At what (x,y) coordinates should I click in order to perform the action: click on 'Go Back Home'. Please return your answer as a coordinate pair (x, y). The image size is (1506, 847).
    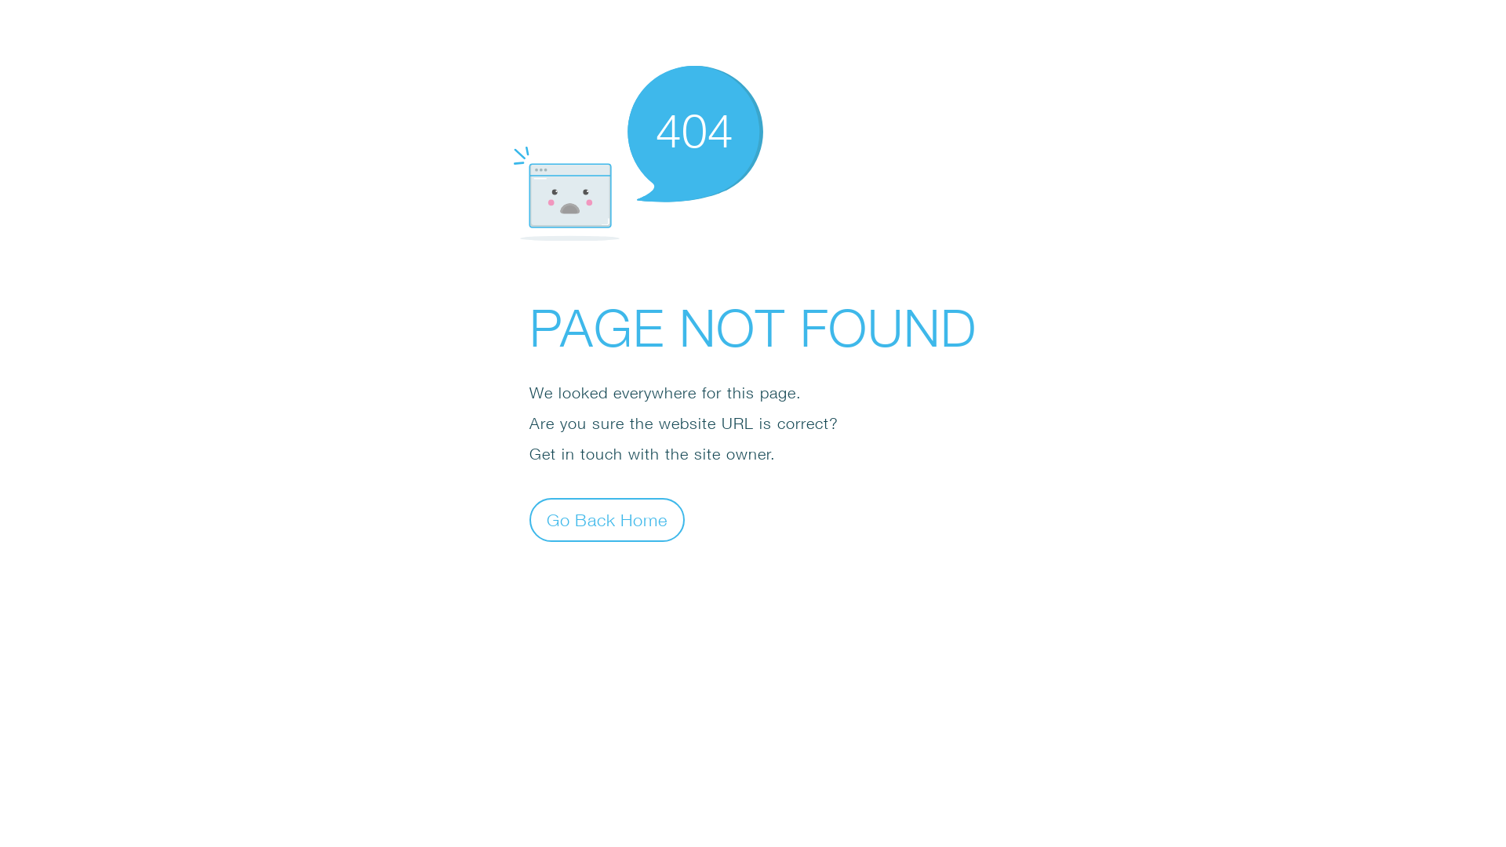
    Looking at the image, I should click on (606, 520).